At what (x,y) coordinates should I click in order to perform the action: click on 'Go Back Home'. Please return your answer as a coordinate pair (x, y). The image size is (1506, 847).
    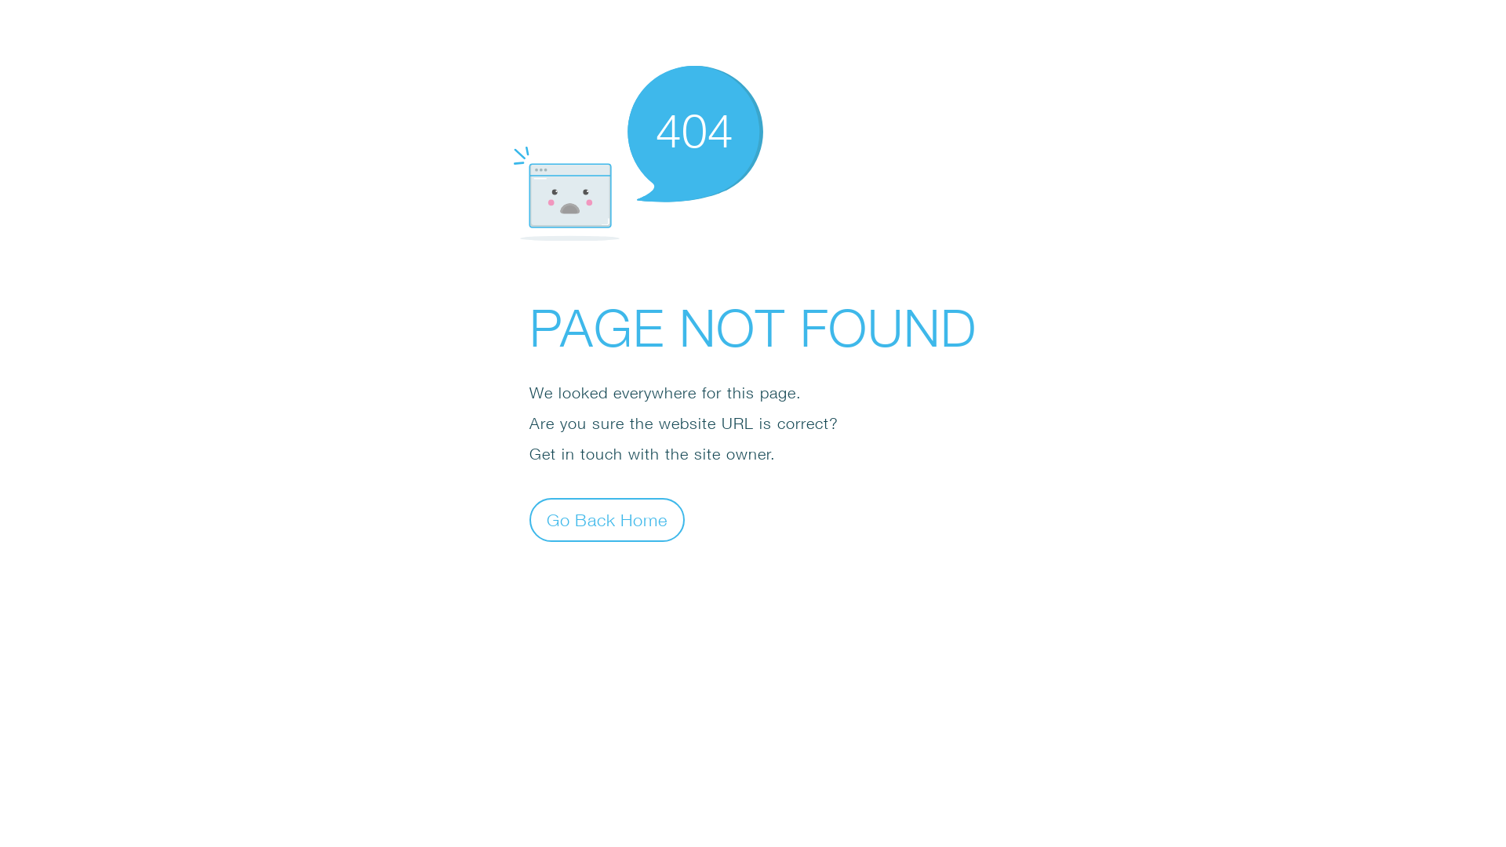
    Looking at the image, I should click on (606, 520).